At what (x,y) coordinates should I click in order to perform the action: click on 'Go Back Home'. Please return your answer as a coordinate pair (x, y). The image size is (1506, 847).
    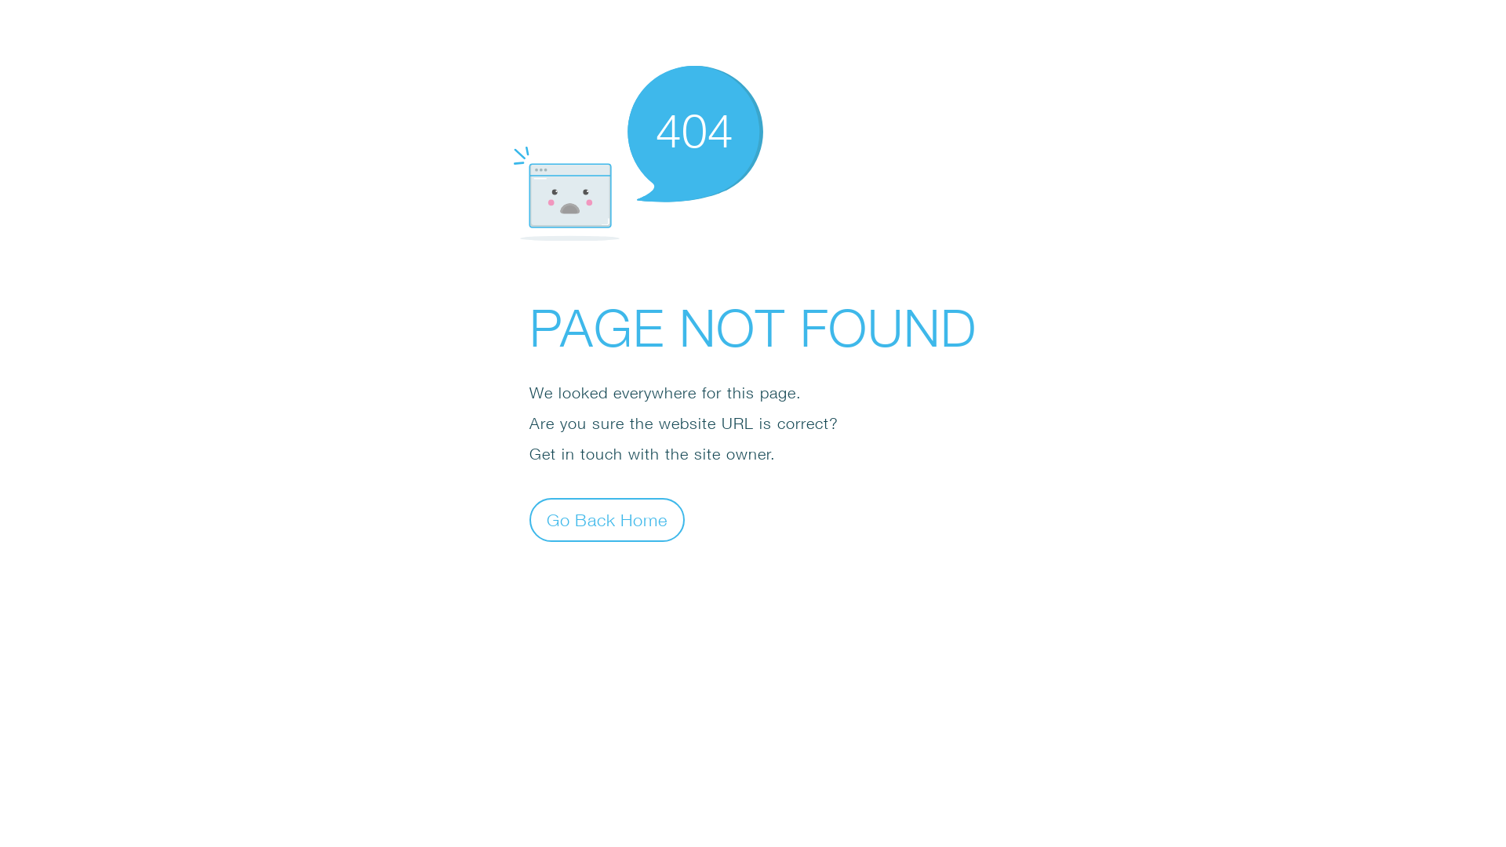
    Looking at the image, I should click on (606, 520).